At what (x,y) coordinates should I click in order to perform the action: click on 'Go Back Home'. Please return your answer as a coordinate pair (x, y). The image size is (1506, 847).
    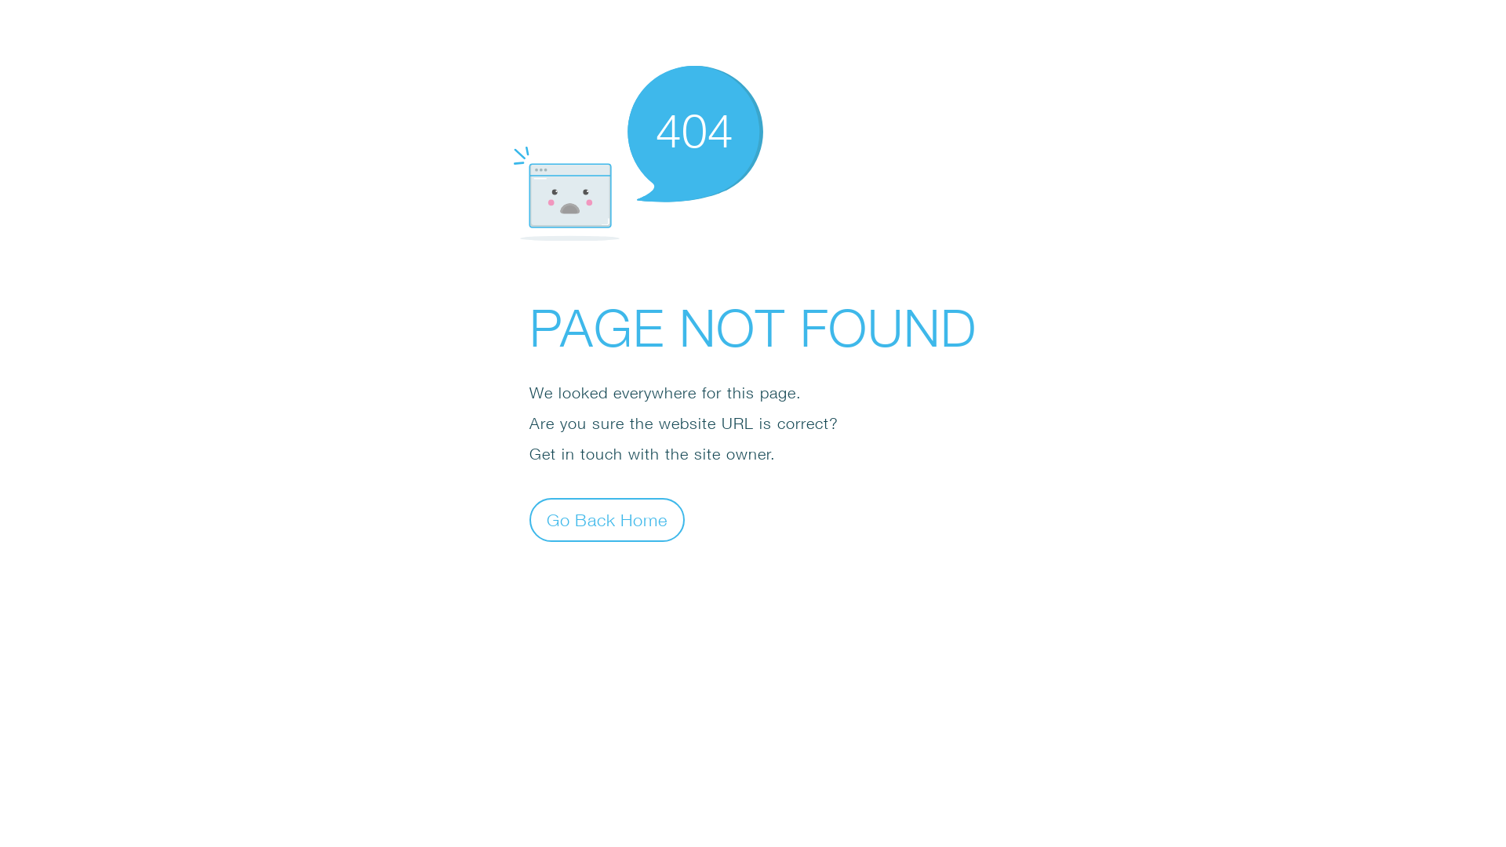
    Looking at the image, I should click on (606, 520).